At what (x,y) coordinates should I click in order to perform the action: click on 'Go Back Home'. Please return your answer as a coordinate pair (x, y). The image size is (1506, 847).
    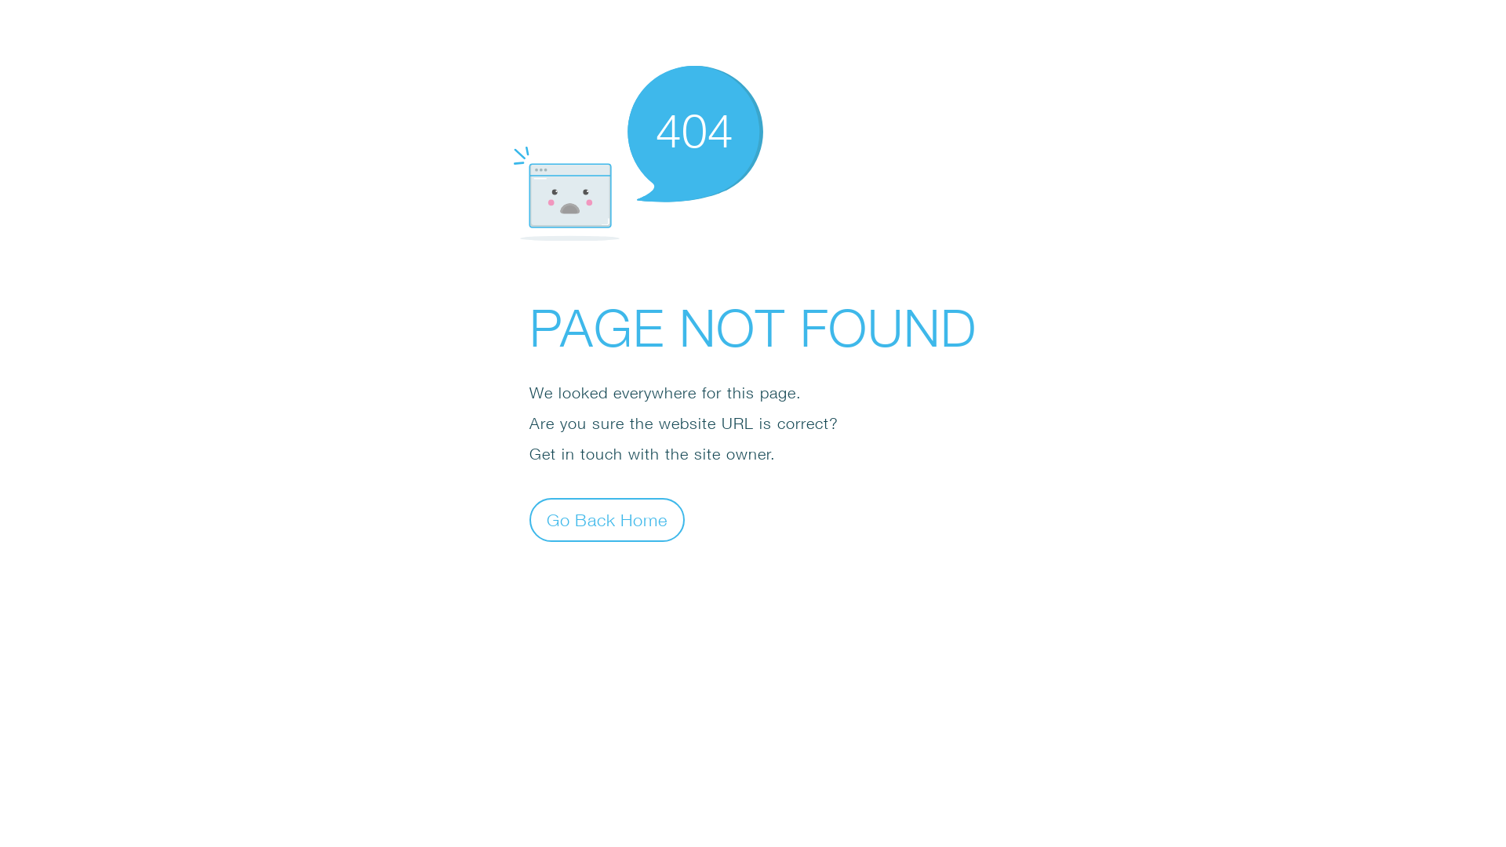
    Looking at the image, I should click on (606, 520).